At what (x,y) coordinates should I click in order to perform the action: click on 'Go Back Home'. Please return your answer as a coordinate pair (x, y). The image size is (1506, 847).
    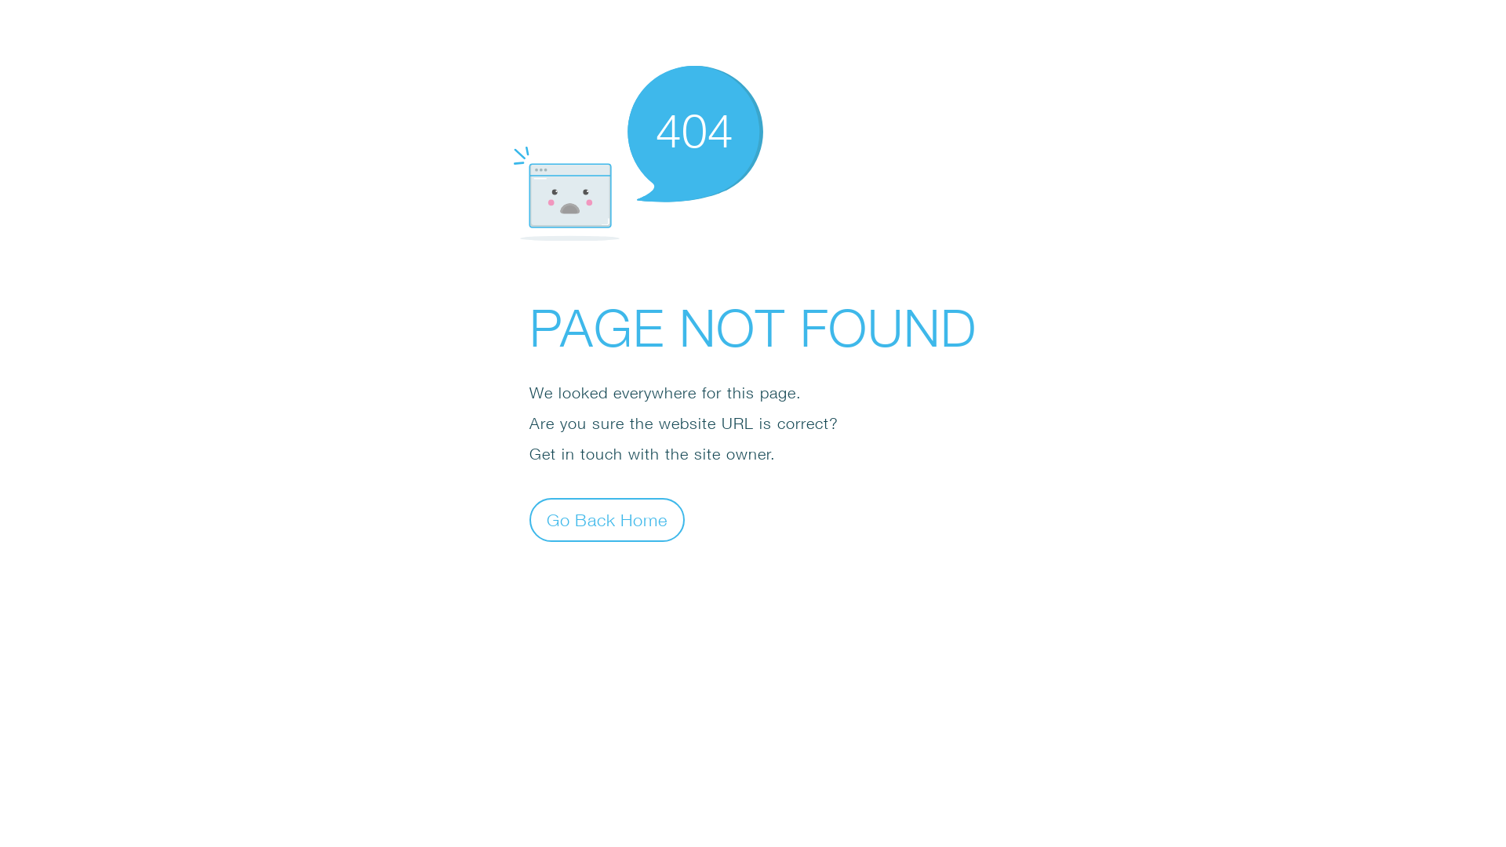
    Looking at the image, I should click on (606, 520).